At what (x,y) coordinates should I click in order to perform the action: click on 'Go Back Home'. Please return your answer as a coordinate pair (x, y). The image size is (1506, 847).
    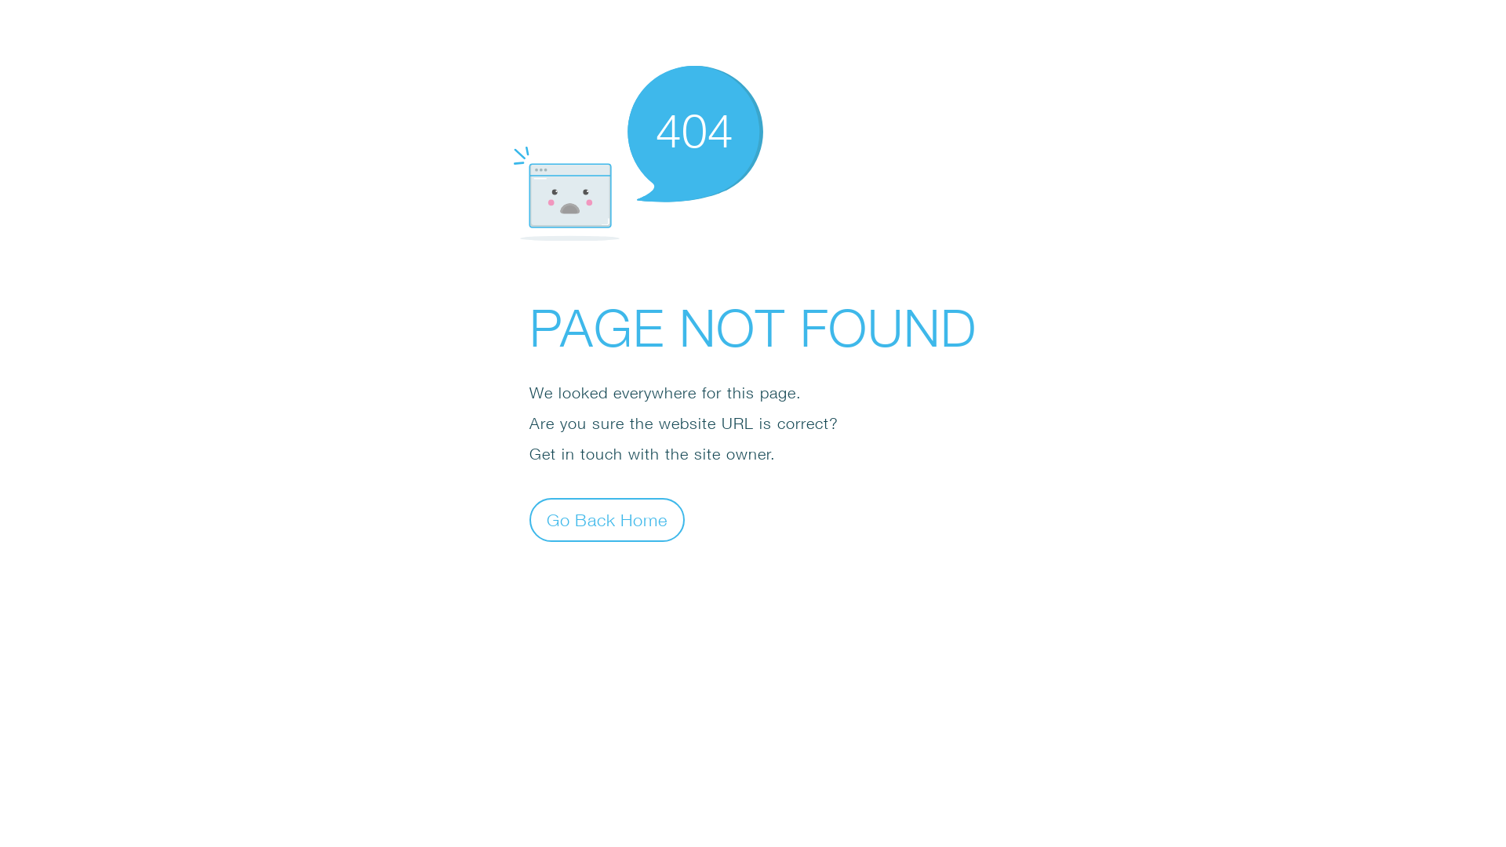
    Looking at the image, I should click on (606, 520).